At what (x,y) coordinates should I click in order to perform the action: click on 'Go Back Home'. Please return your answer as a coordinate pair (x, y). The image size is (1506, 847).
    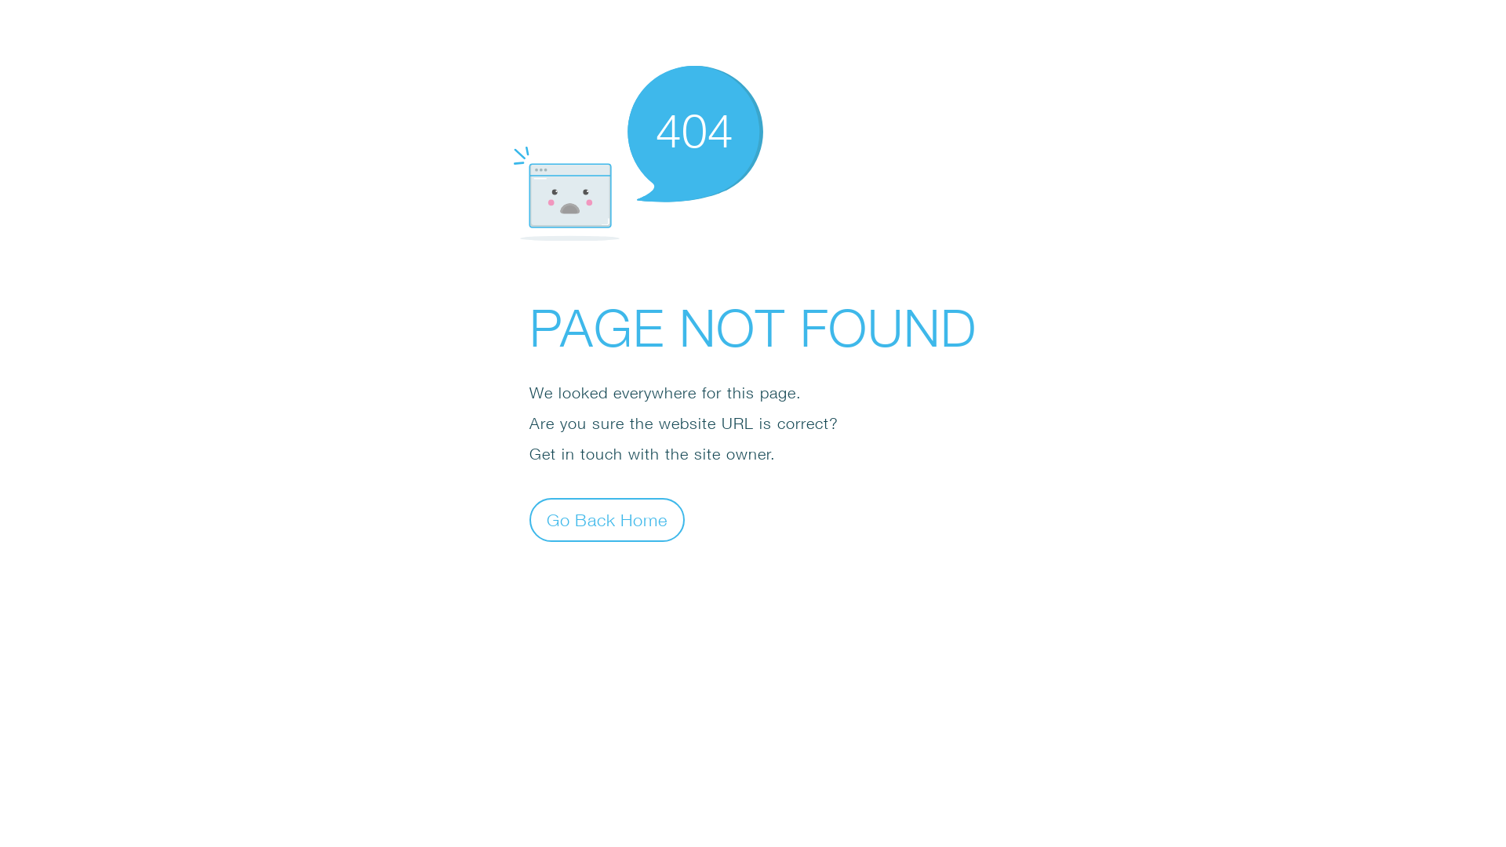
    Looking at the image, I should click on (606, 520).